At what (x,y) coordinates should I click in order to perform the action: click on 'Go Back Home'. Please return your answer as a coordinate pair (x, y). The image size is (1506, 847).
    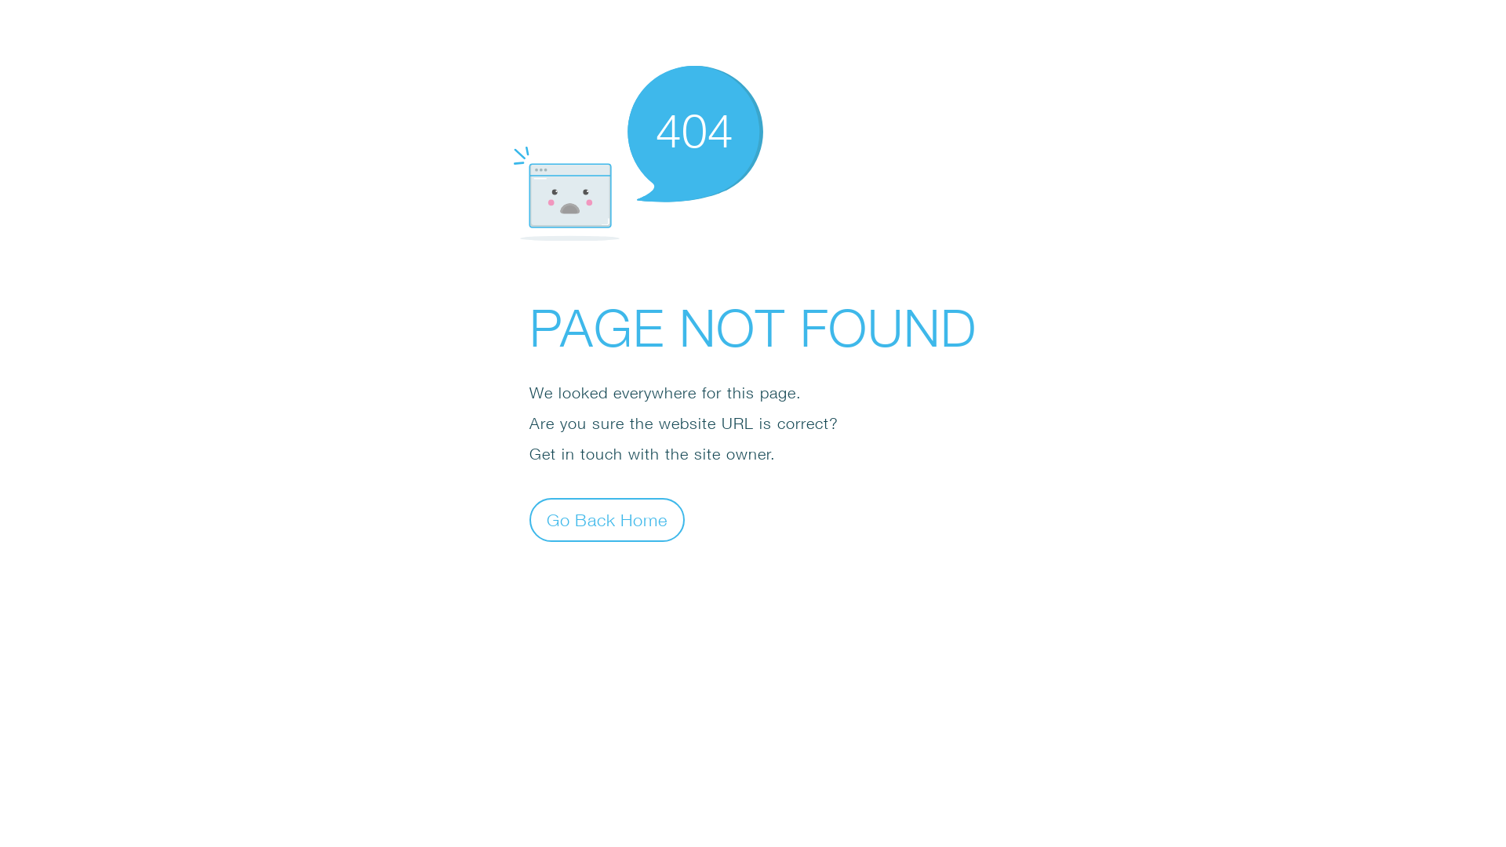
    Looking at the image, I should click on (606, 520).